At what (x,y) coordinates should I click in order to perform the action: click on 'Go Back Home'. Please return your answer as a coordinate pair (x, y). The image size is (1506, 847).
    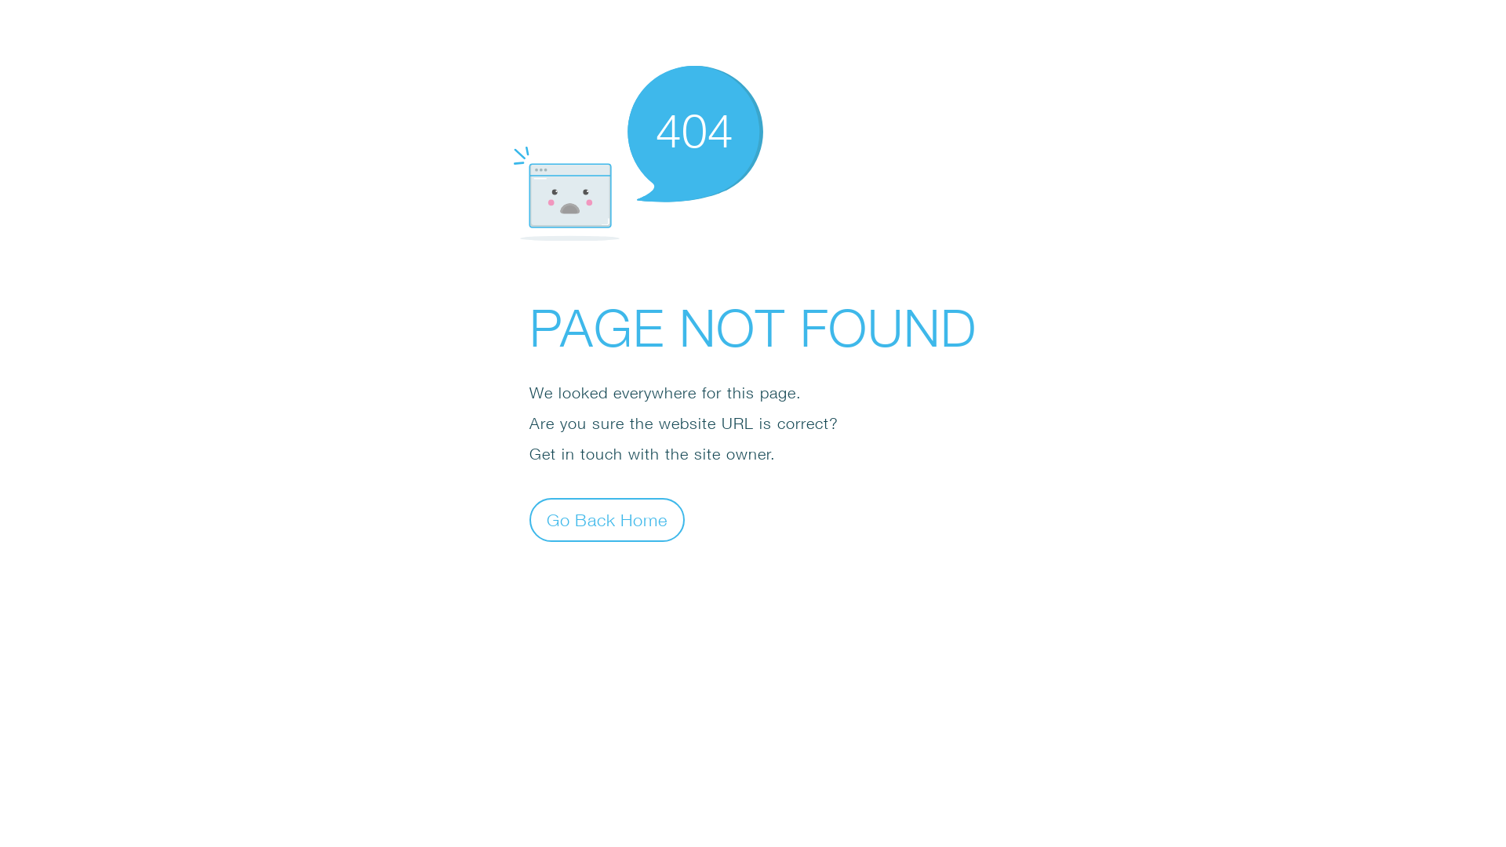
    Looking at the image, I should click on (606, 520).